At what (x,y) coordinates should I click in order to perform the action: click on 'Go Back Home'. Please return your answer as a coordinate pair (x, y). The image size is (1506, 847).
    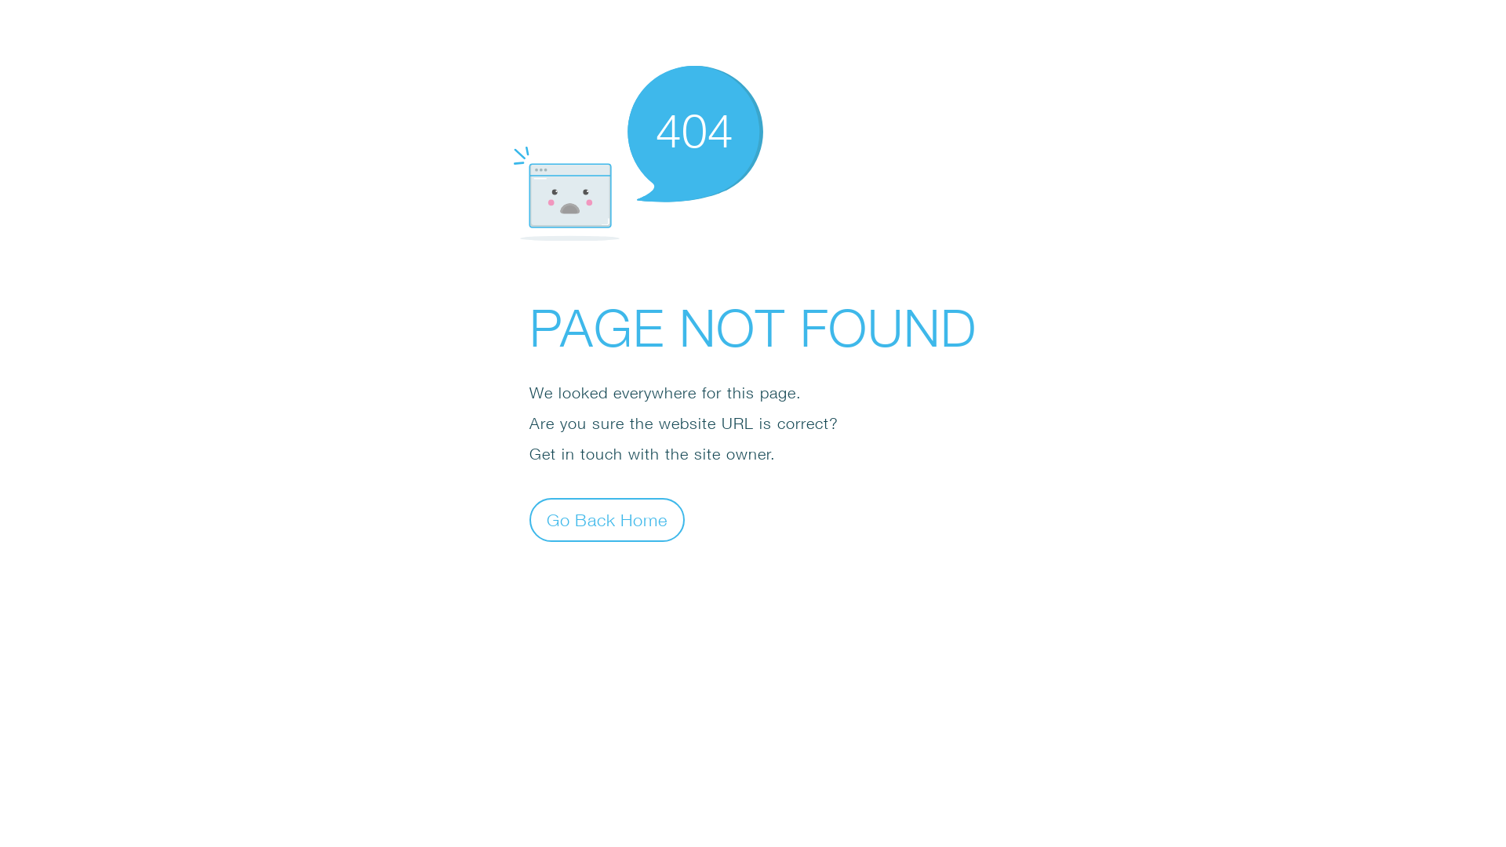
    Looking at the image, I should click on (606, 520).